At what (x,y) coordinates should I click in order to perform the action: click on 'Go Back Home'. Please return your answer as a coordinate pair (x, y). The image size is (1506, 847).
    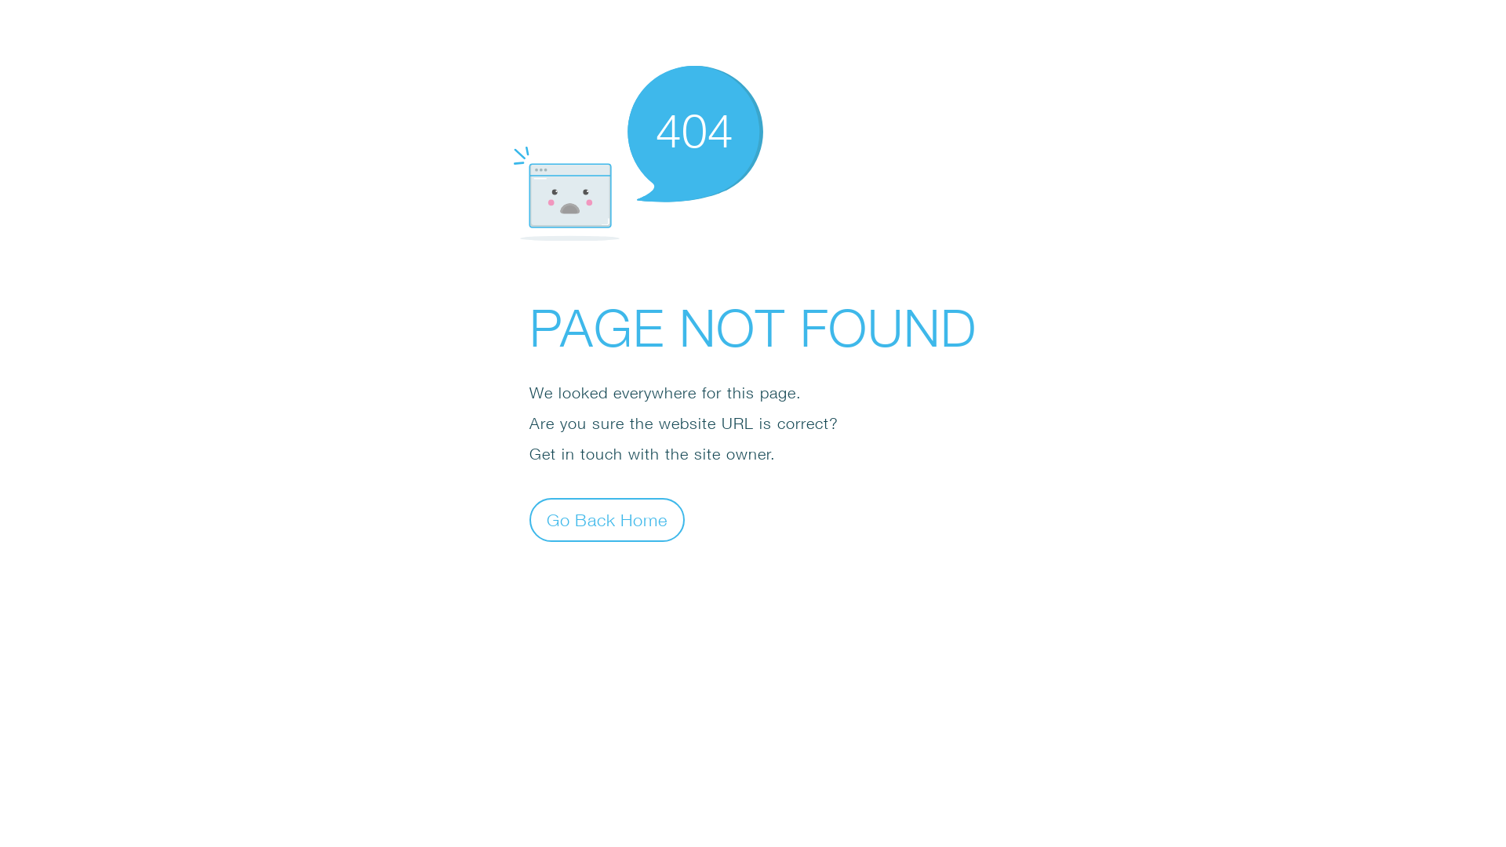
    Looking at the image, I should click on (606, 520).